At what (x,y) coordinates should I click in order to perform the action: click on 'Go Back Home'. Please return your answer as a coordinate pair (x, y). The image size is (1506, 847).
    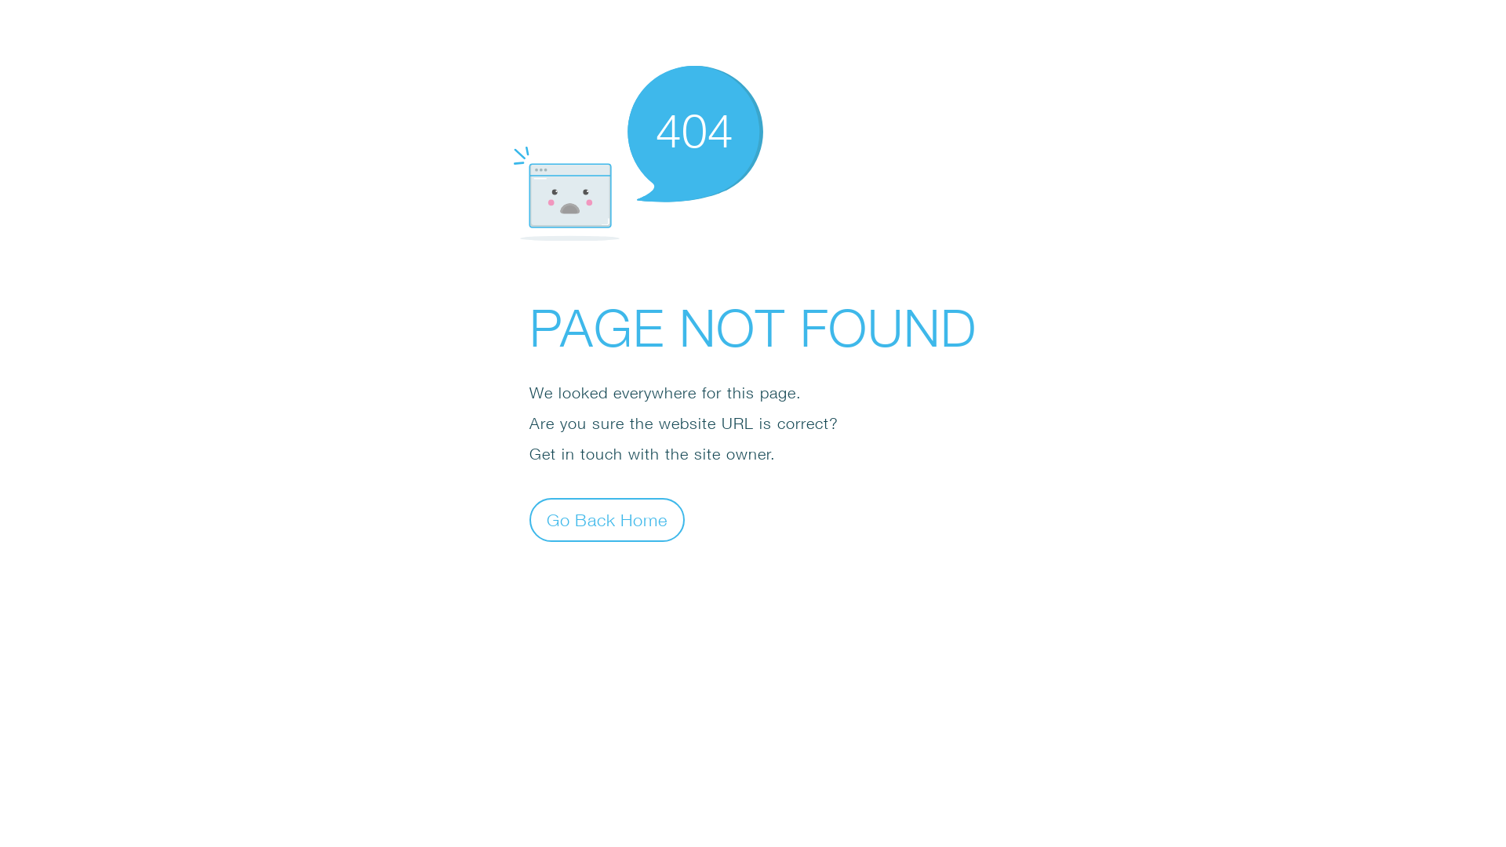
    Looking at the image, I should click on (606, 520).